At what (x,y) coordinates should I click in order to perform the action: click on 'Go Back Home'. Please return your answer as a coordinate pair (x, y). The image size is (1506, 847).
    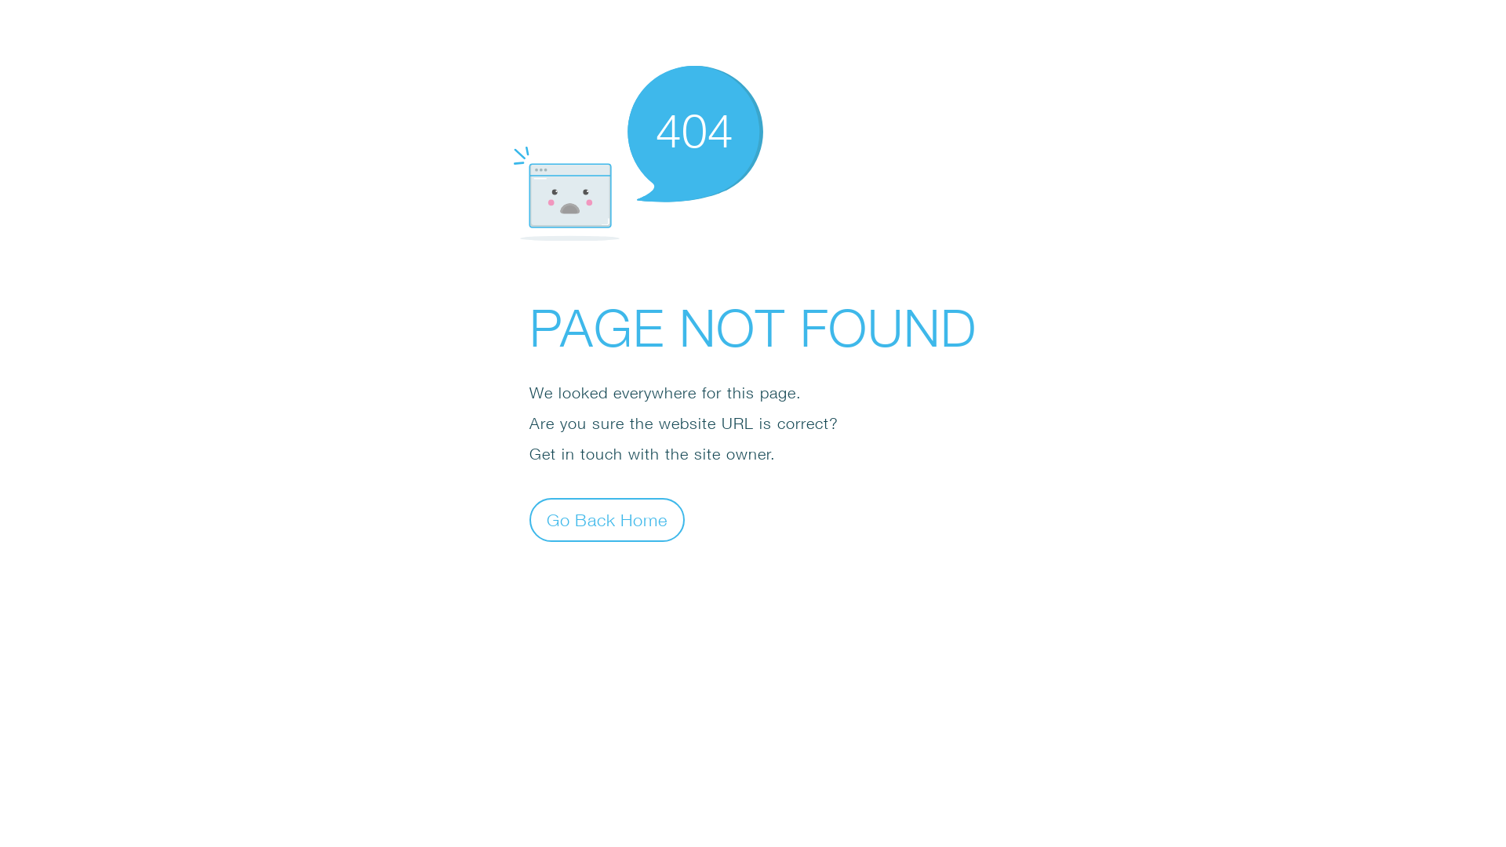
    Looking at the image, I should click on (606, 520).